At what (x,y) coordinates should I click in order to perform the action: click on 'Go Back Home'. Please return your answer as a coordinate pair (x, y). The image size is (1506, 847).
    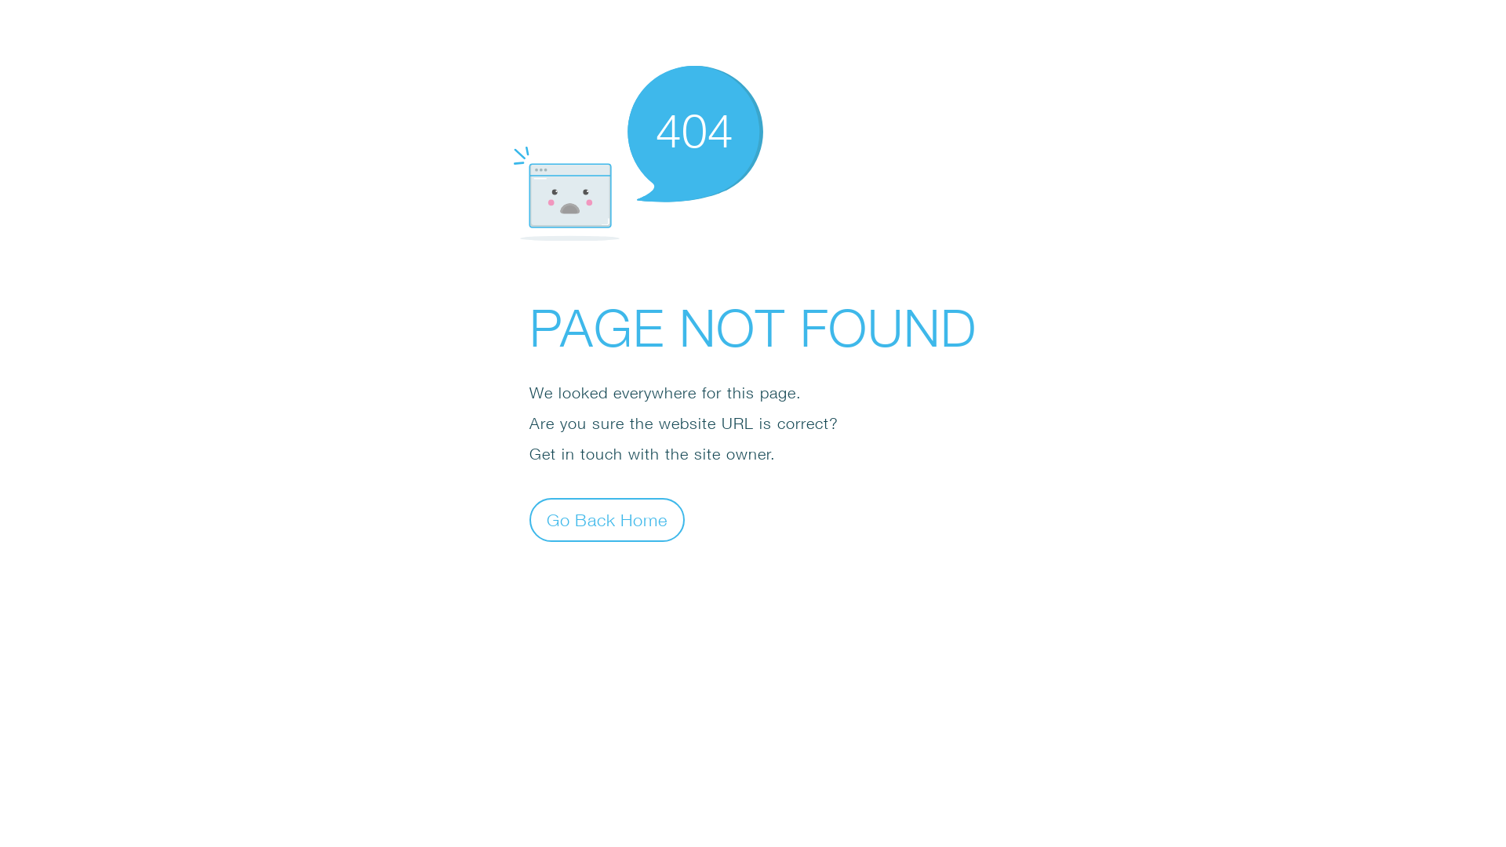
    Looking at the image, I should click on (606, 520).